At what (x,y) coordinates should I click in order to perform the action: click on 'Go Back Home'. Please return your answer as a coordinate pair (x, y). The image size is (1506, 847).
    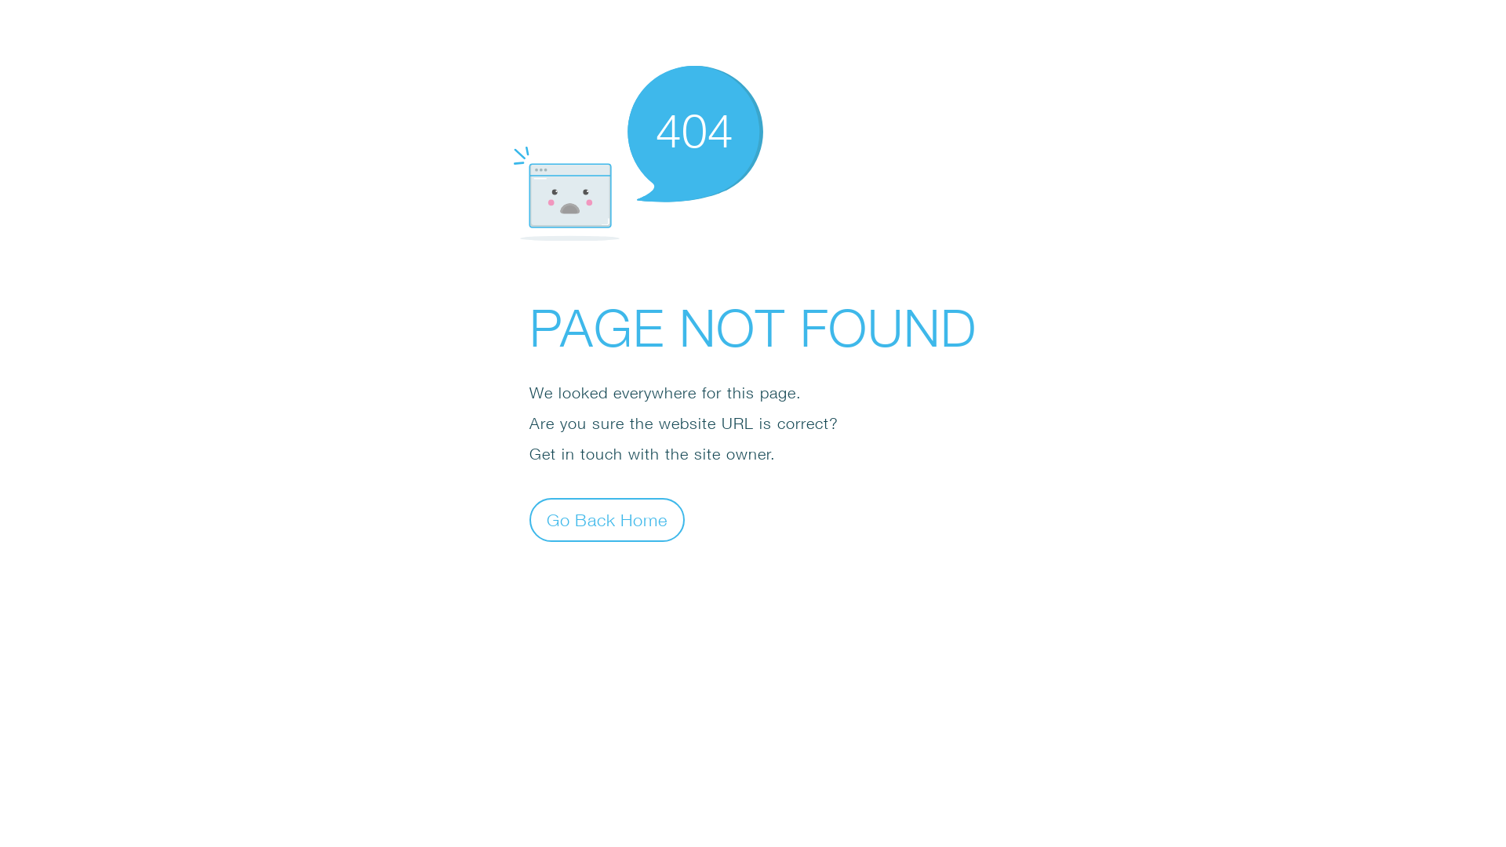
    Looking at the image, I should click on (606, 520).